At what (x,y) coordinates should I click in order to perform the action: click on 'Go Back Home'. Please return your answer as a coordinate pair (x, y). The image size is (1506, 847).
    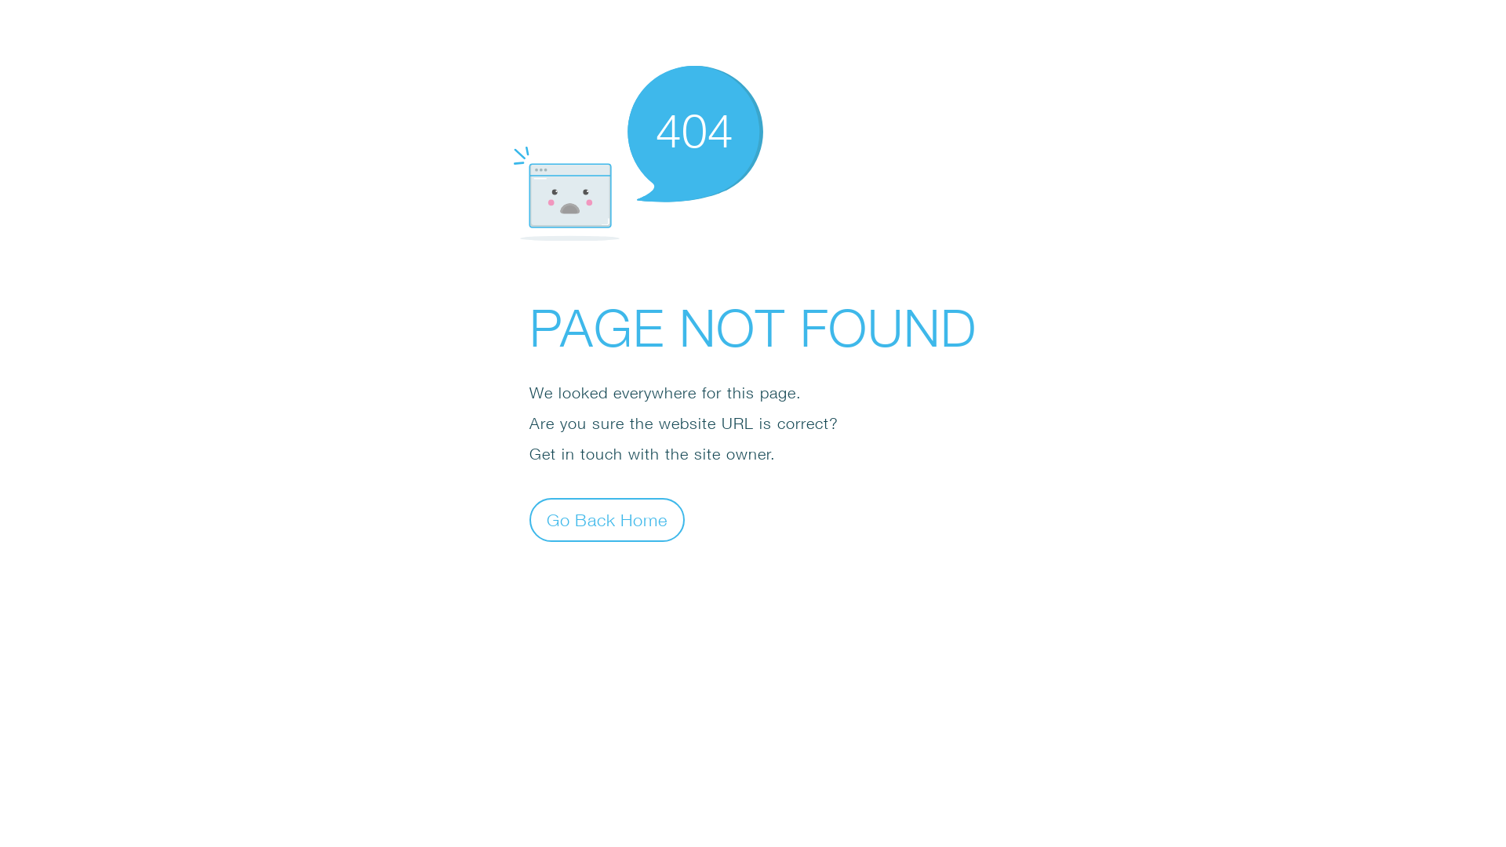
    Looking at the image, I should click on (606, 520).